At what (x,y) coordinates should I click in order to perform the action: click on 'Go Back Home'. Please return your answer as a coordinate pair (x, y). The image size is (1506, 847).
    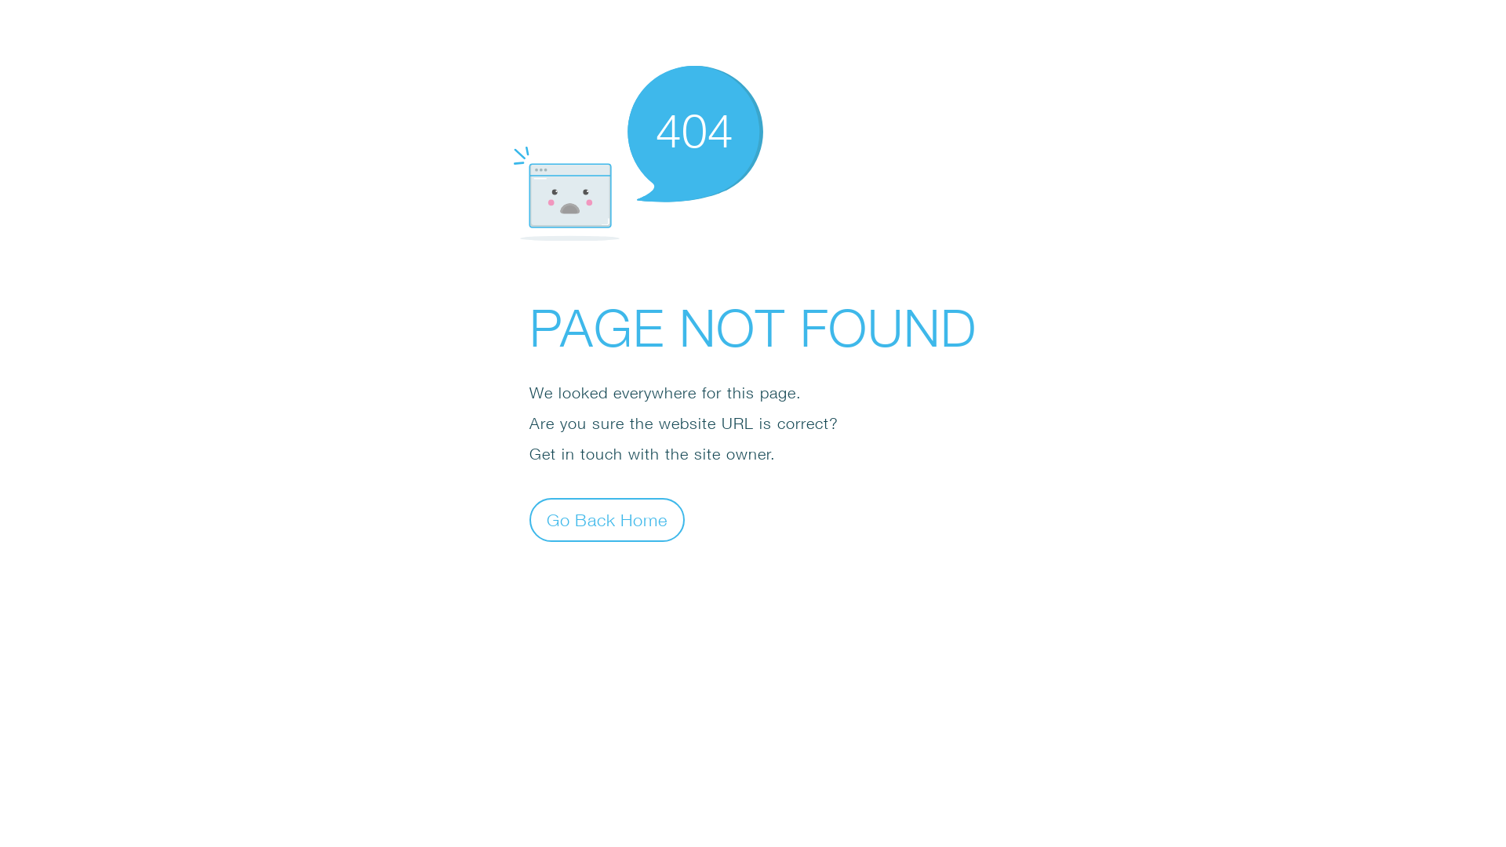
    Looking at the image, I should click on (606, 520).